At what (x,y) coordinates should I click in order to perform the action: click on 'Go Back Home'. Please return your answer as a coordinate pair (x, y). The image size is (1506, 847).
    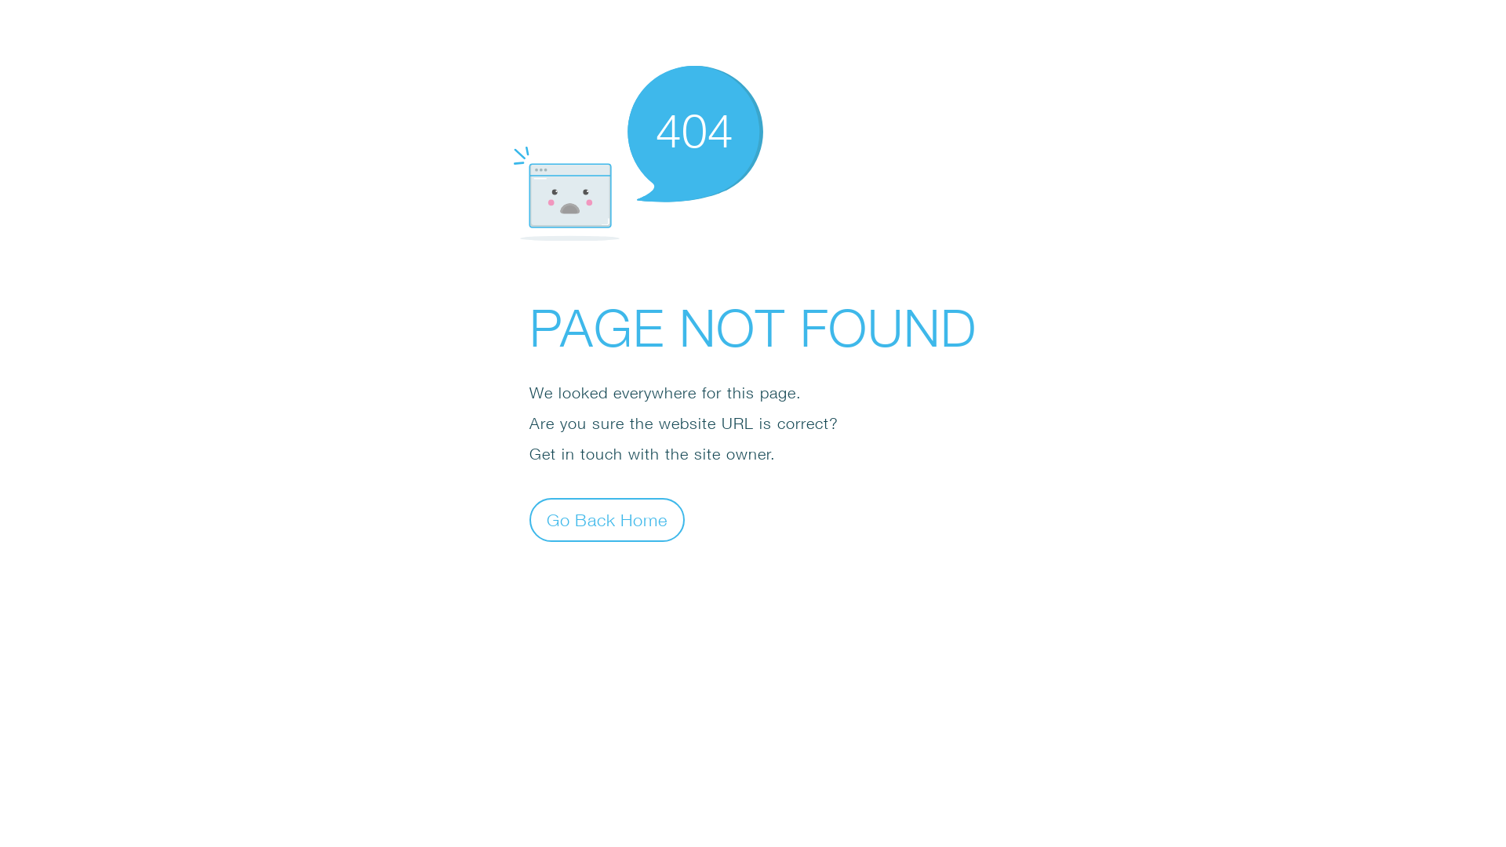
    Looking at the image, I should click on (606, 520).